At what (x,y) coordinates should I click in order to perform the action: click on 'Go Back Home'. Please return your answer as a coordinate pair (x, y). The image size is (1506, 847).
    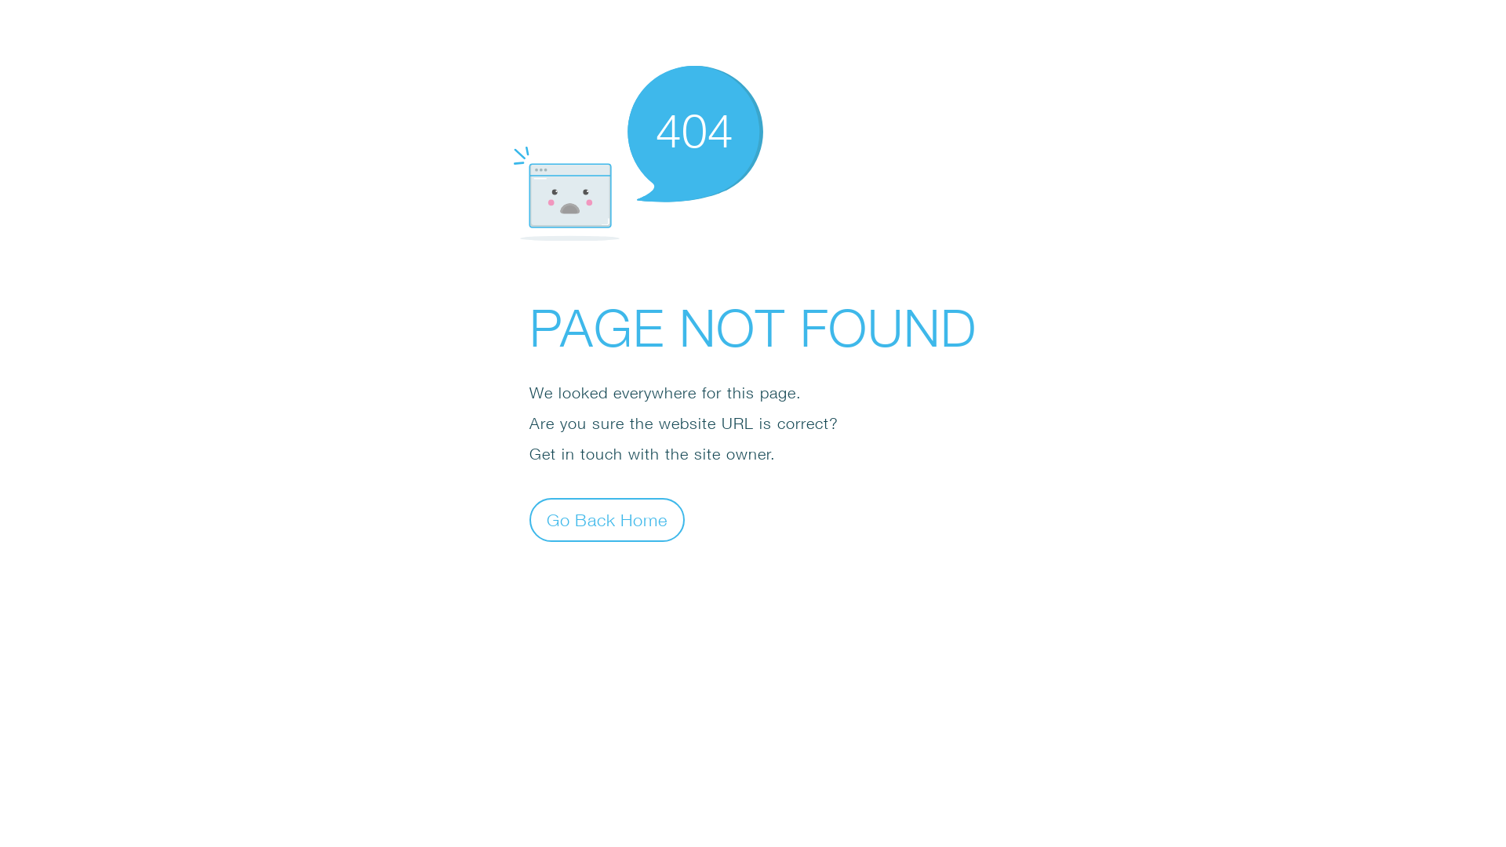
    Looking at the image, I should click on (606, 520).